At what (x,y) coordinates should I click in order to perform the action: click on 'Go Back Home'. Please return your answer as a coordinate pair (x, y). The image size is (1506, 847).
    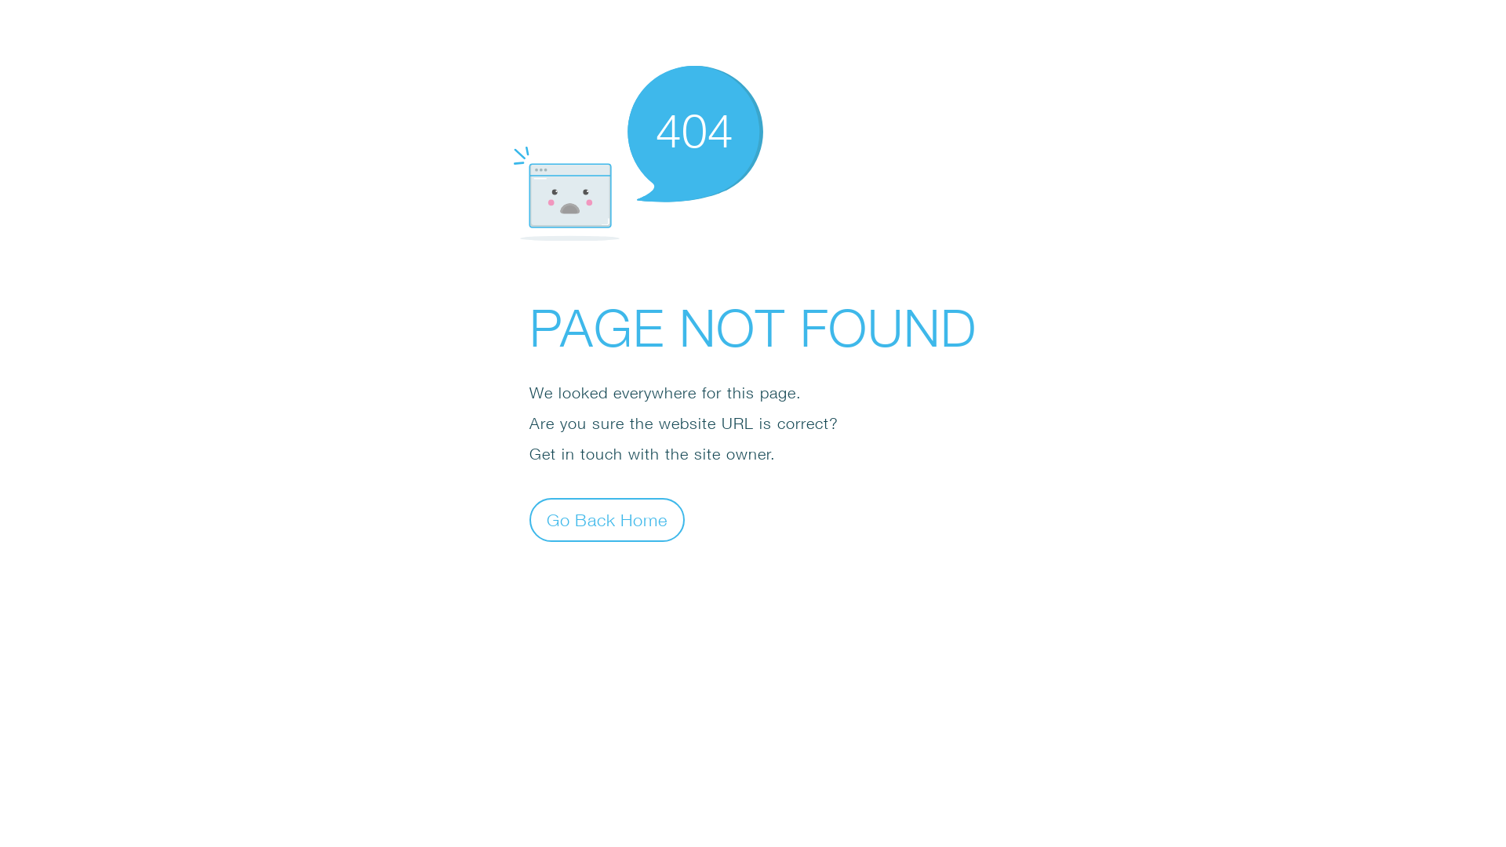
    Looking at the image, I should click on (606, 520).